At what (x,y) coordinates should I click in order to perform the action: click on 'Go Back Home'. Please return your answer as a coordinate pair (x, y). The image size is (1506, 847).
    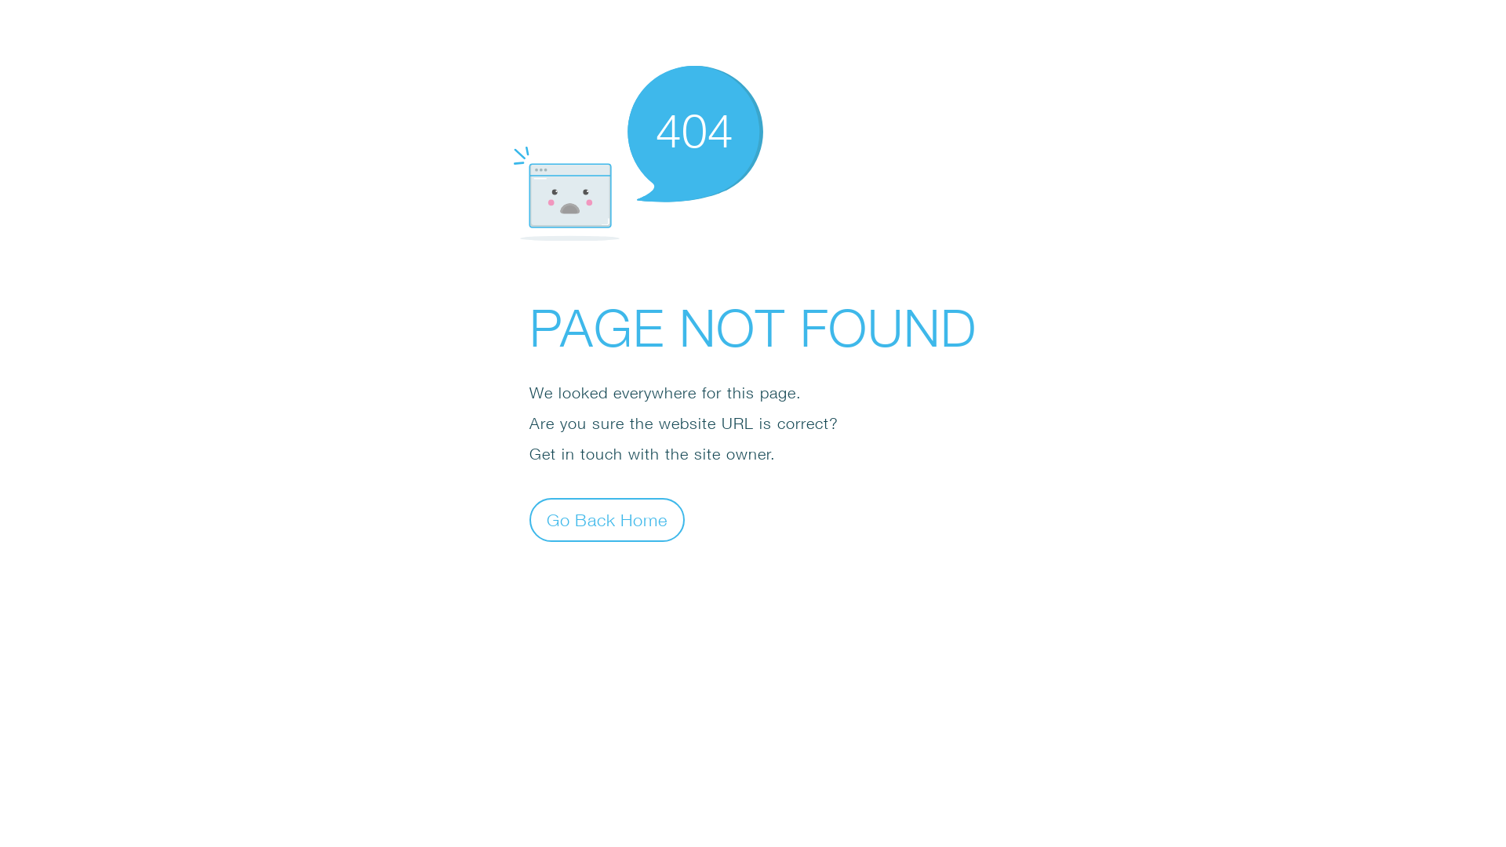
    Looking at the image, I should click on (606, 520).